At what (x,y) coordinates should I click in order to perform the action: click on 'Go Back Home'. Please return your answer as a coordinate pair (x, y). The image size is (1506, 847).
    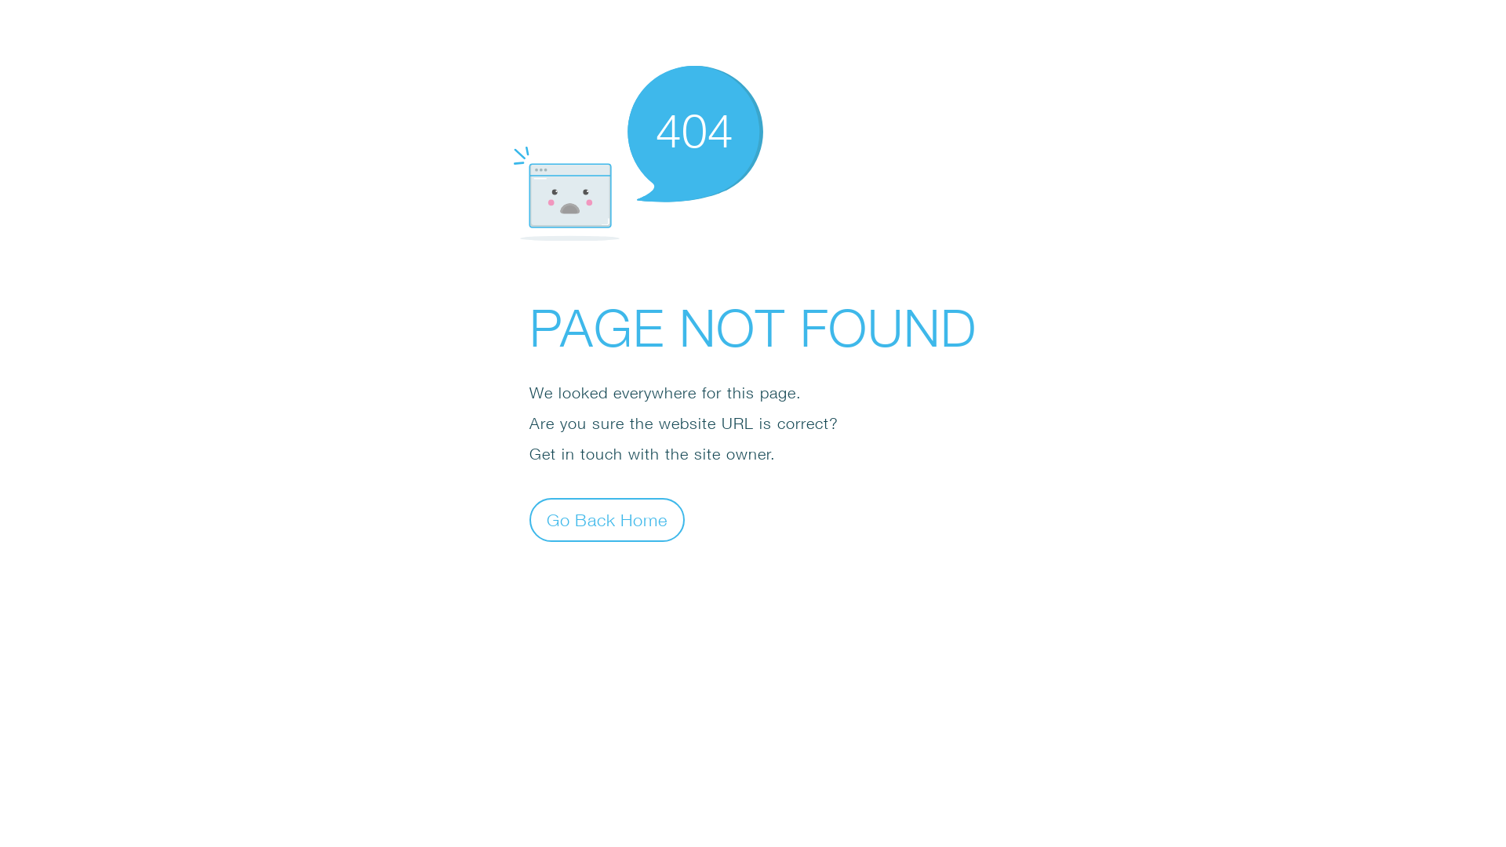
    Looking at the image, I should click on (606, 520).